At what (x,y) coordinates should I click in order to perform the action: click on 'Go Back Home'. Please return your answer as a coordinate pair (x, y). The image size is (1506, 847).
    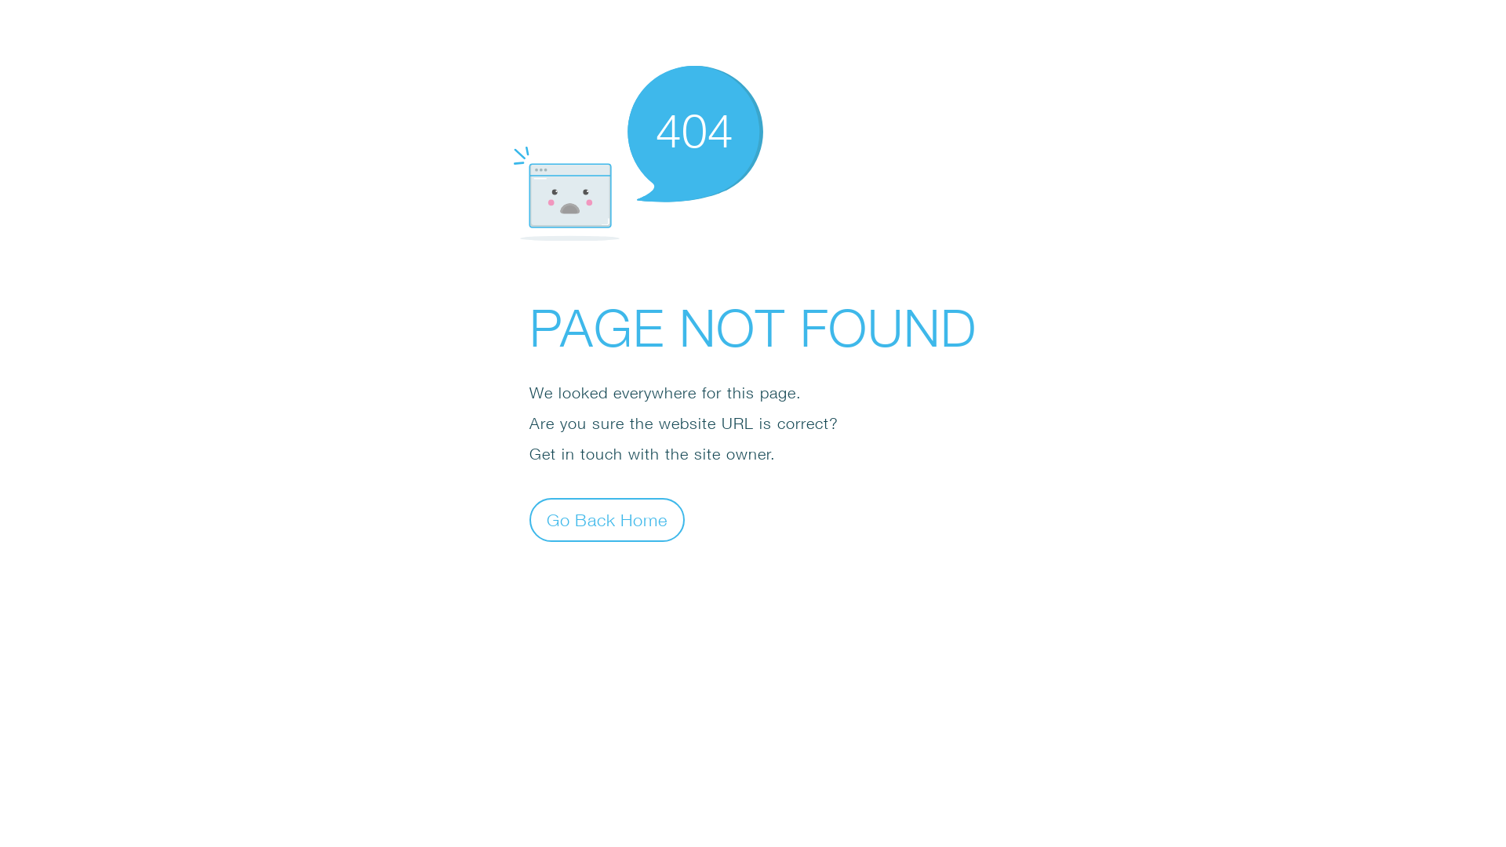
    Looking at the image, I should click on (606, 520).